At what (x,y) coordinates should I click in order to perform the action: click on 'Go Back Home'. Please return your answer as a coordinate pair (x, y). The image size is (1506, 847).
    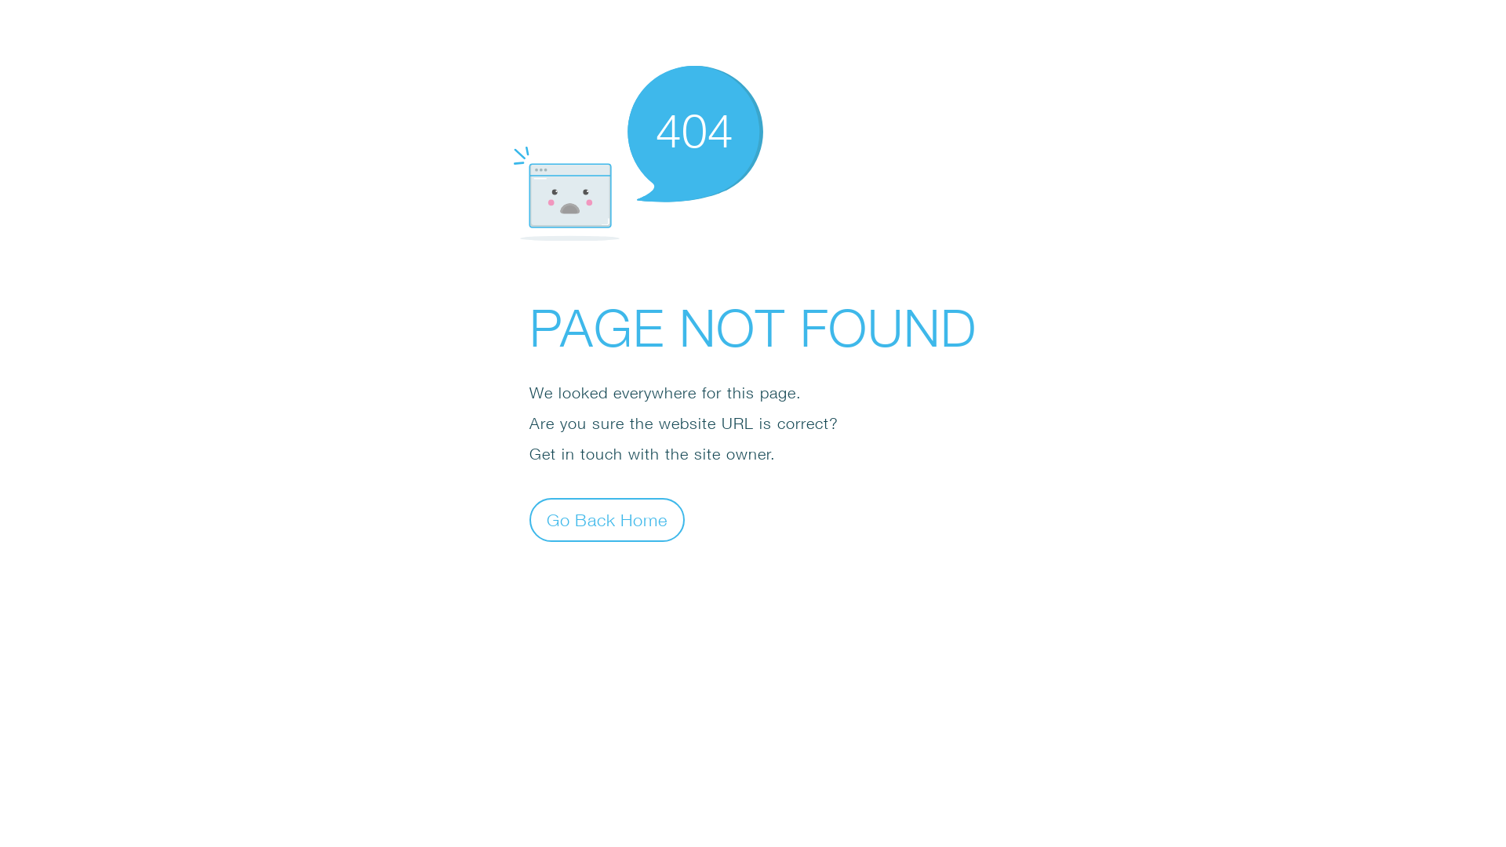
    Looking at the image, I should click on (606, 520).